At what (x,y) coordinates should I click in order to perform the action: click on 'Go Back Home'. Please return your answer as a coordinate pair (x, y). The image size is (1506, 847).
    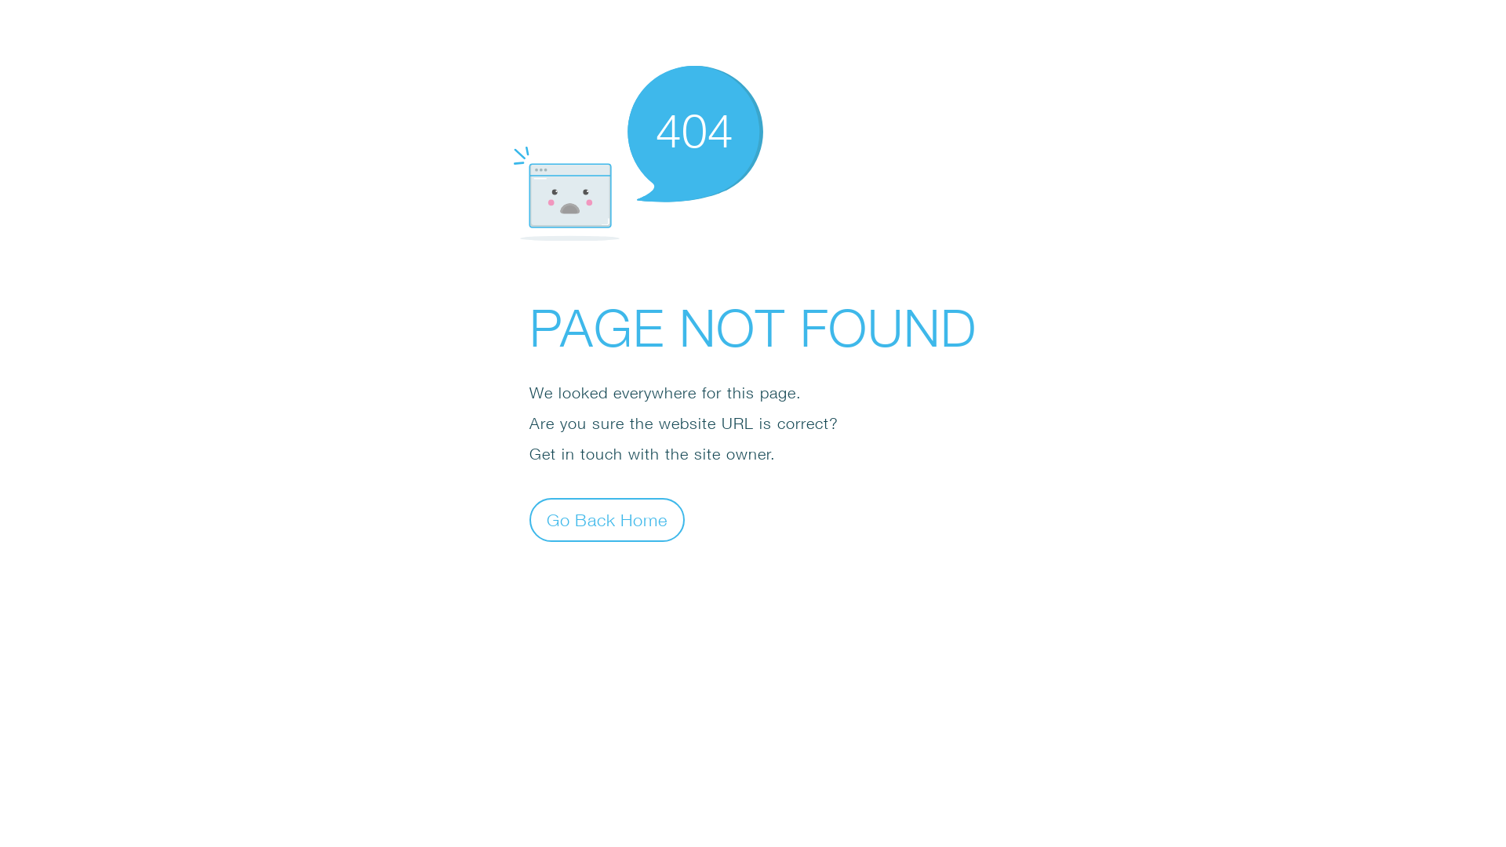
    Looking at the image, I should click on (606, 520).